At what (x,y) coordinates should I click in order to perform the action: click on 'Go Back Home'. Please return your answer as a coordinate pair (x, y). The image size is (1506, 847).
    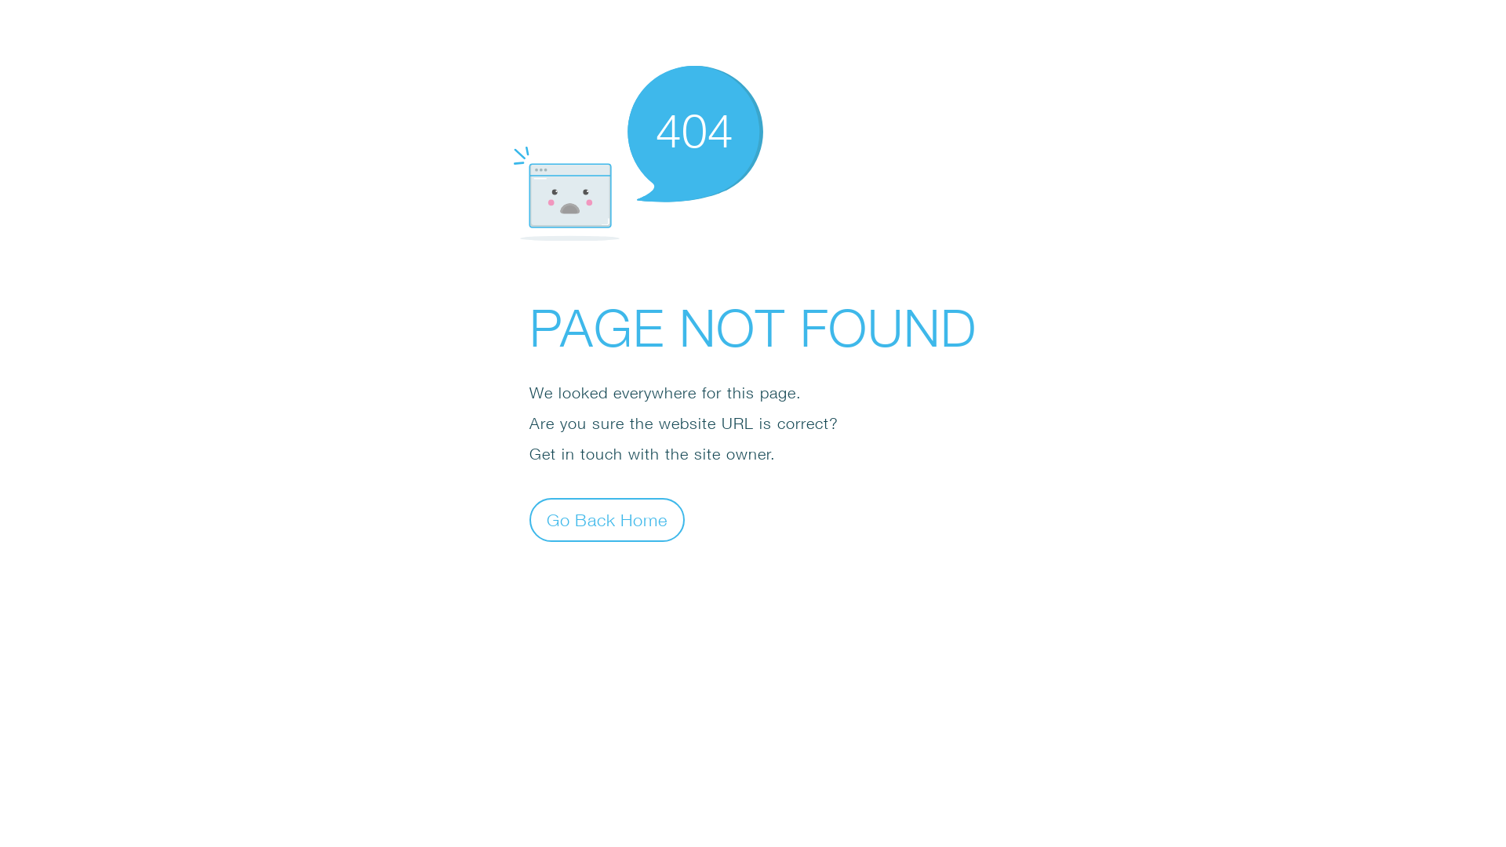
    Looking at the image, I should click on (606, 520).